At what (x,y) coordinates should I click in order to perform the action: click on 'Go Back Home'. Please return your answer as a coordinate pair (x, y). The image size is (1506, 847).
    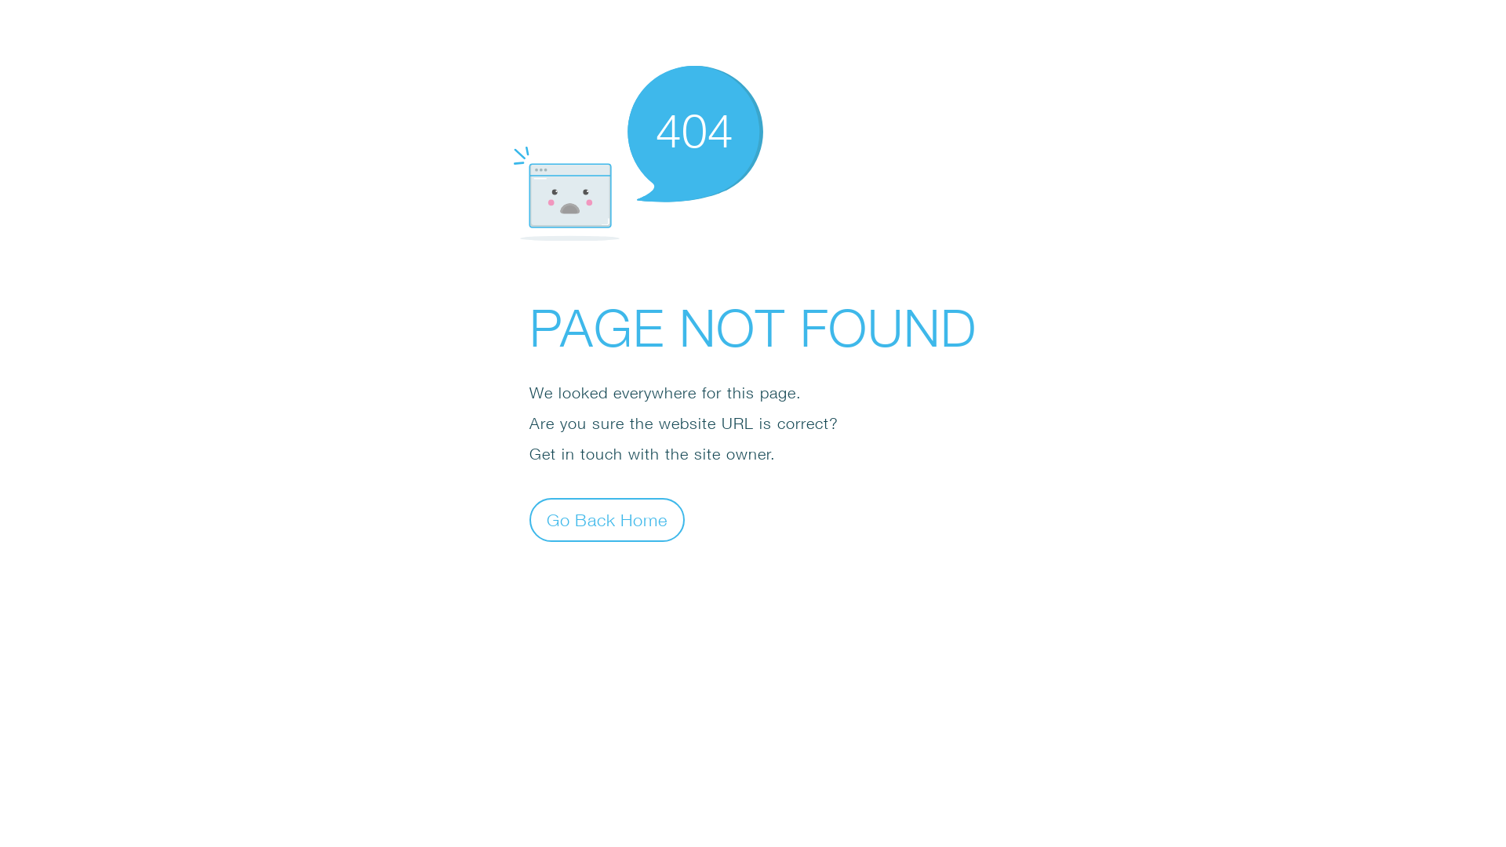
    Looking at the image, I should click on (606, 520).